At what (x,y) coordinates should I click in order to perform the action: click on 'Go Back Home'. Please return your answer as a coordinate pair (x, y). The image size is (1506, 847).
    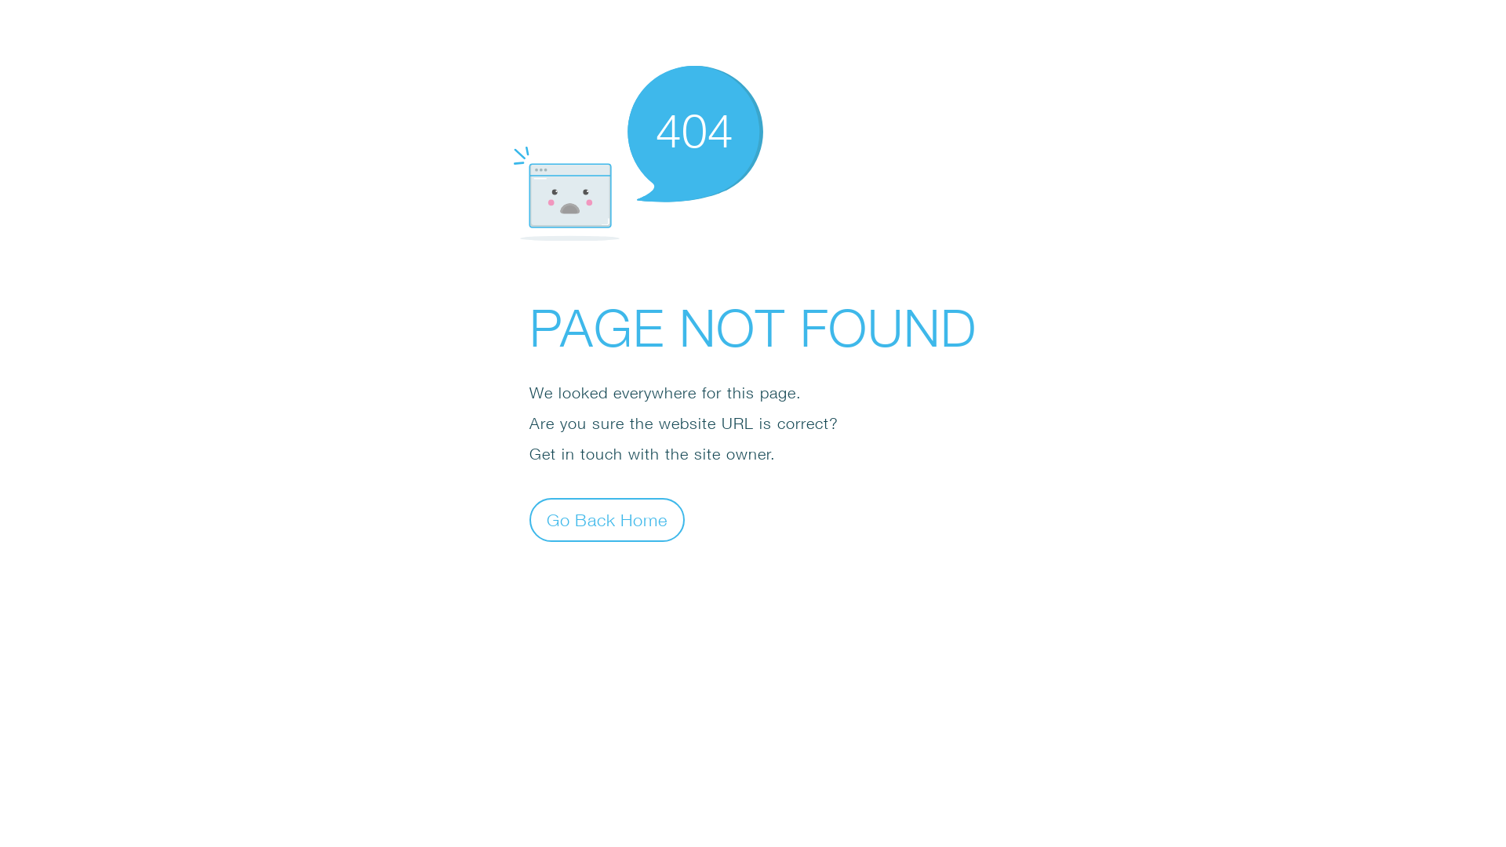
    Looking at the image, I should click on (606, 520).